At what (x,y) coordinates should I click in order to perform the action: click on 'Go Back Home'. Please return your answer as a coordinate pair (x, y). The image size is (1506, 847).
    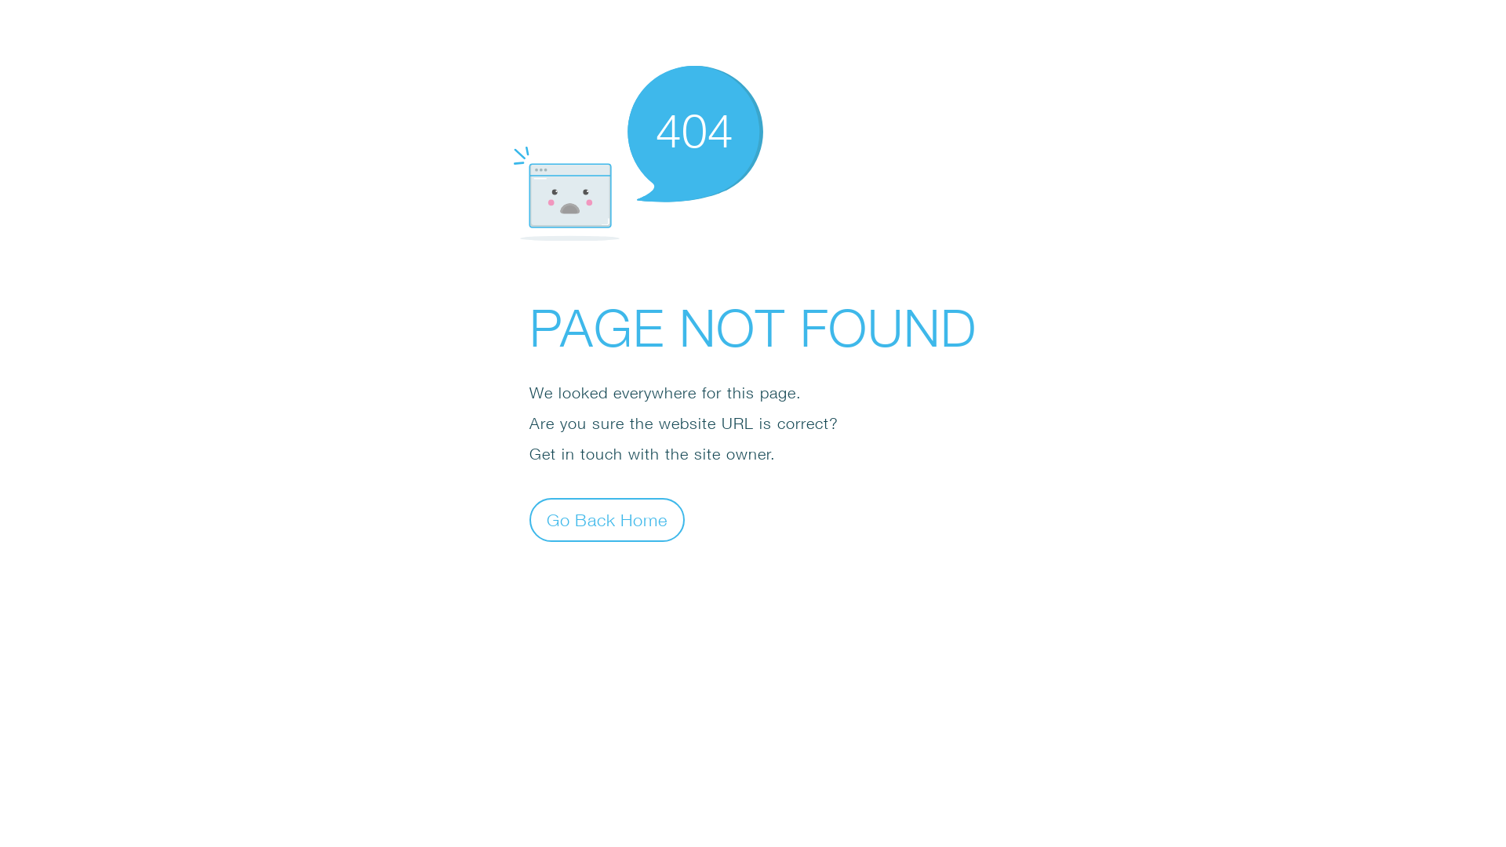
    Looking at the image, I should click on (606, 520).